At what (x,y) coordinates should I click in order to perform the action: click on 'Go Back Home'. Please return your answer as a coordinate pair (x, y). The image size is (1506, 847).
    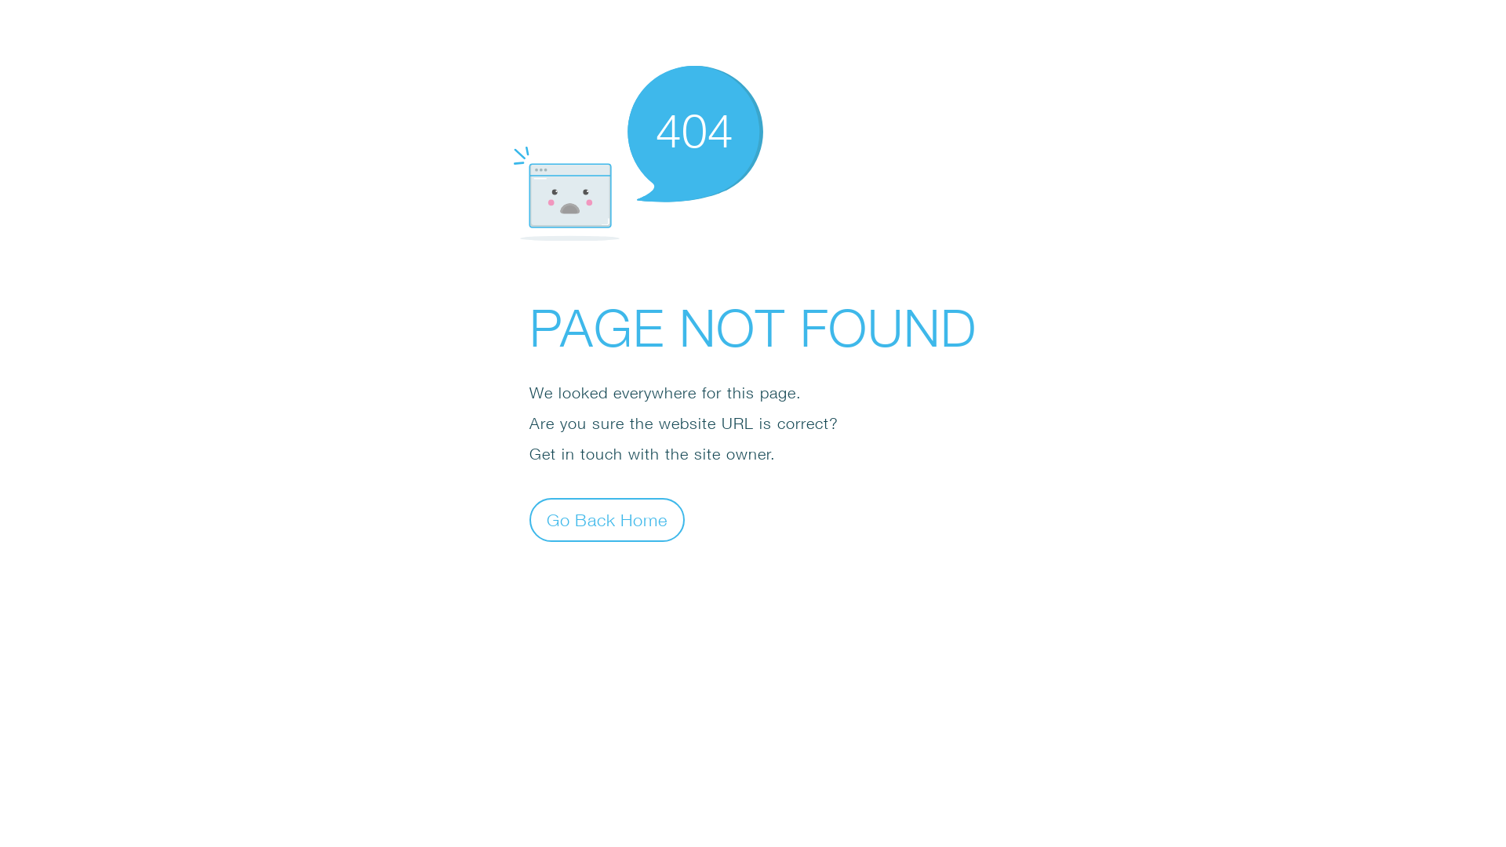
    Looking at the image, I should click on (606, 520).